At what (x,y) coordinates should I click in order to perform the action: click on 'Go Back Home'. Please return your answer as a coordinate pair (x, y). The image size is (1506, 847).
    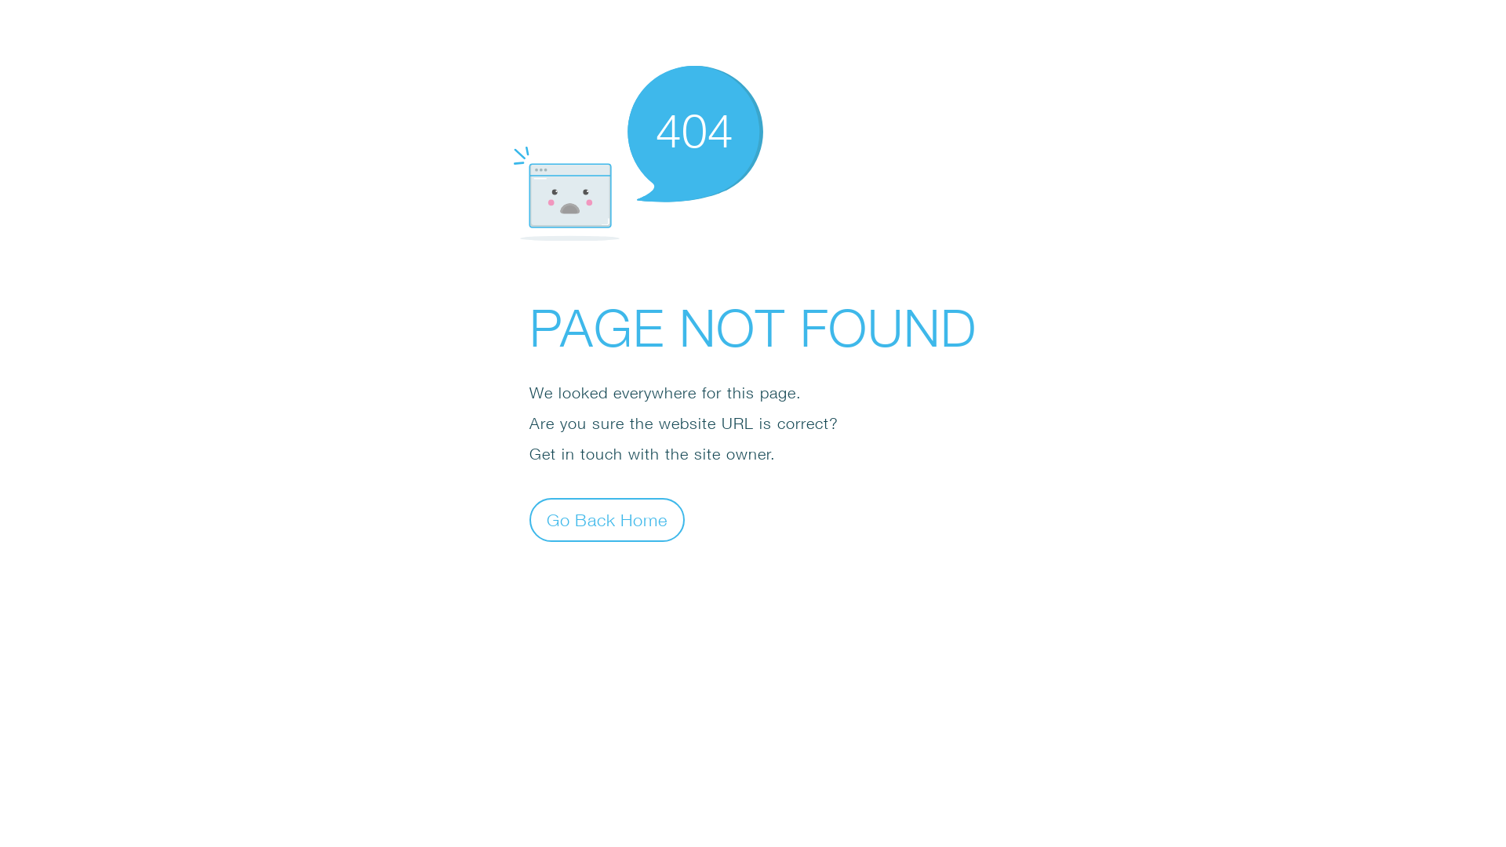
    Looking at the image, I should click on (606, 520).